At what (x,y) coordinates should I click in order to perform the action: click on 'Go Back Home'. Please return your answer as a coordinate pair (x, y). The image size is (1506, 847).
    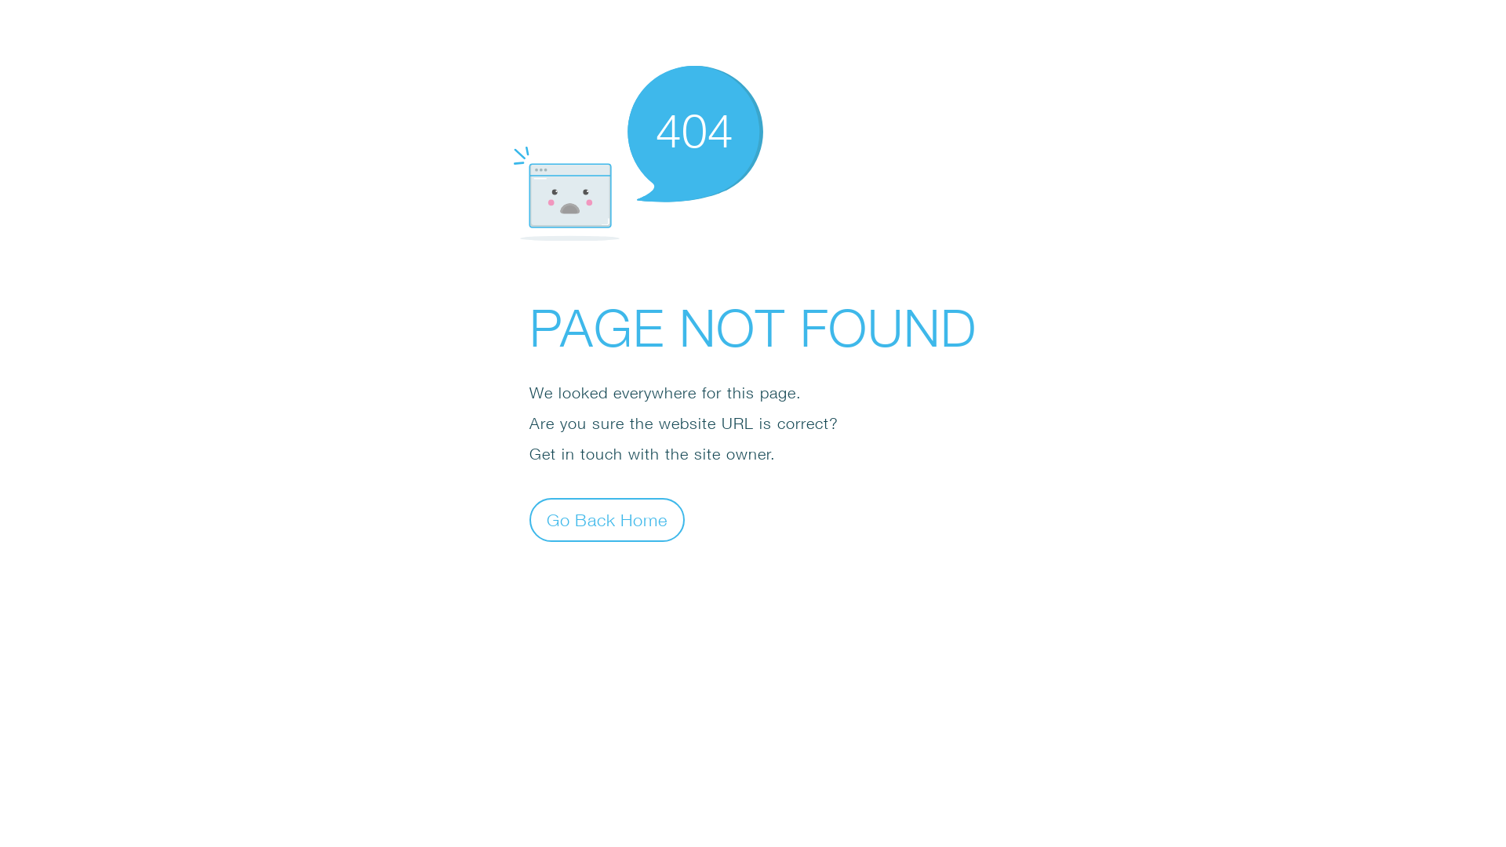
    Looking at the image, I should click on (606, 520).